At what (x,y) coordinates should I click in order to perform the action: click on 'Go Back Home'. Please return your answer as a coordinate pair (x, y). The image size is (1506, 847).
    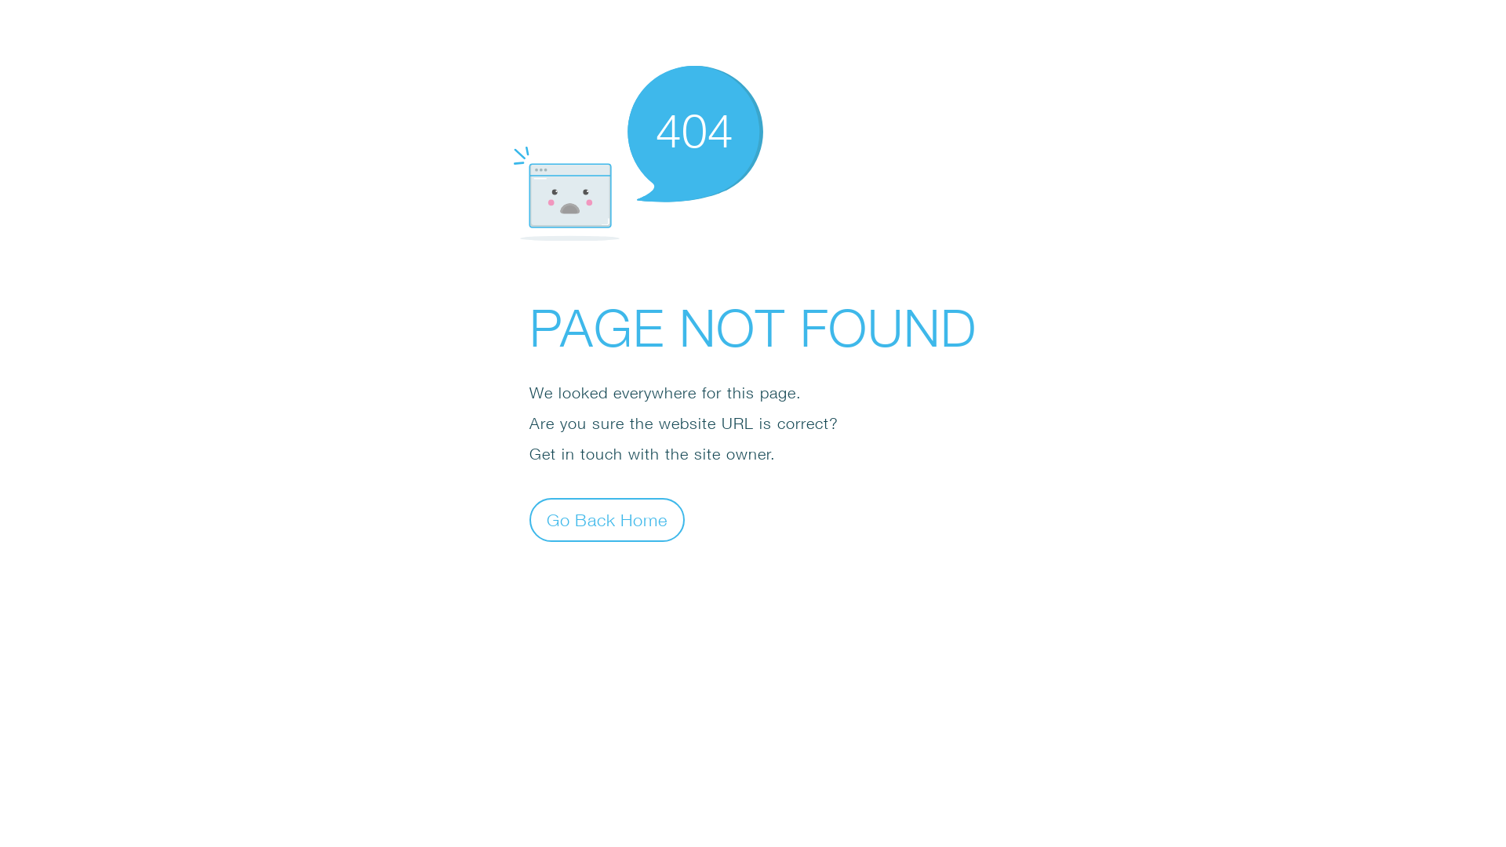
    Looking at the image, I should click on (606, 520).